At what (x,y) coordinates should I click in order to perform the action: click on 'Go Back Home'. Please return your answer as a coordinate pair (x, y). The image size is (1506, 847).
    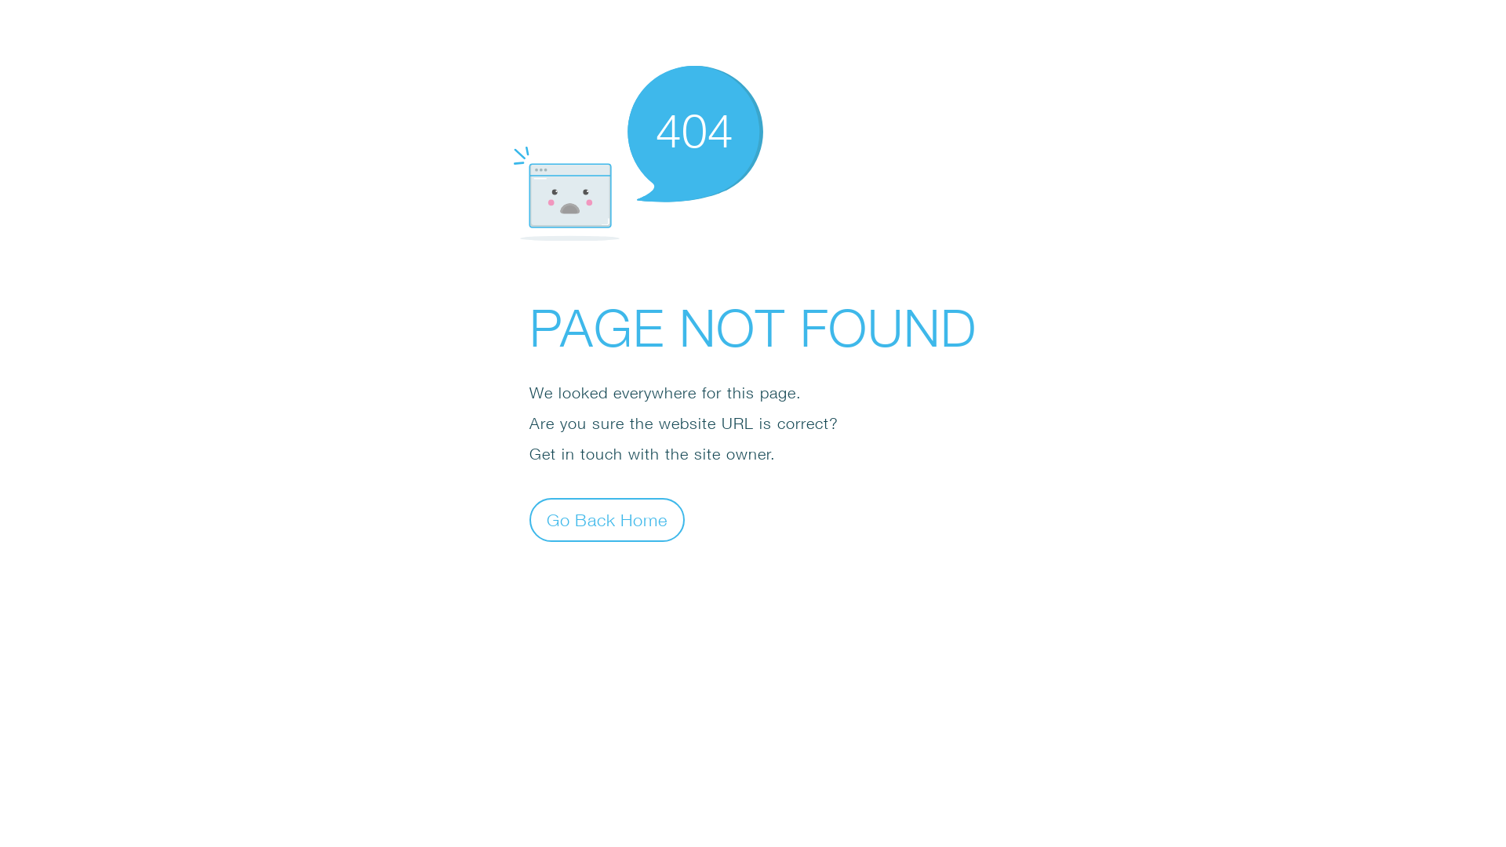
    Looking at the image, I should click on (606, 520).